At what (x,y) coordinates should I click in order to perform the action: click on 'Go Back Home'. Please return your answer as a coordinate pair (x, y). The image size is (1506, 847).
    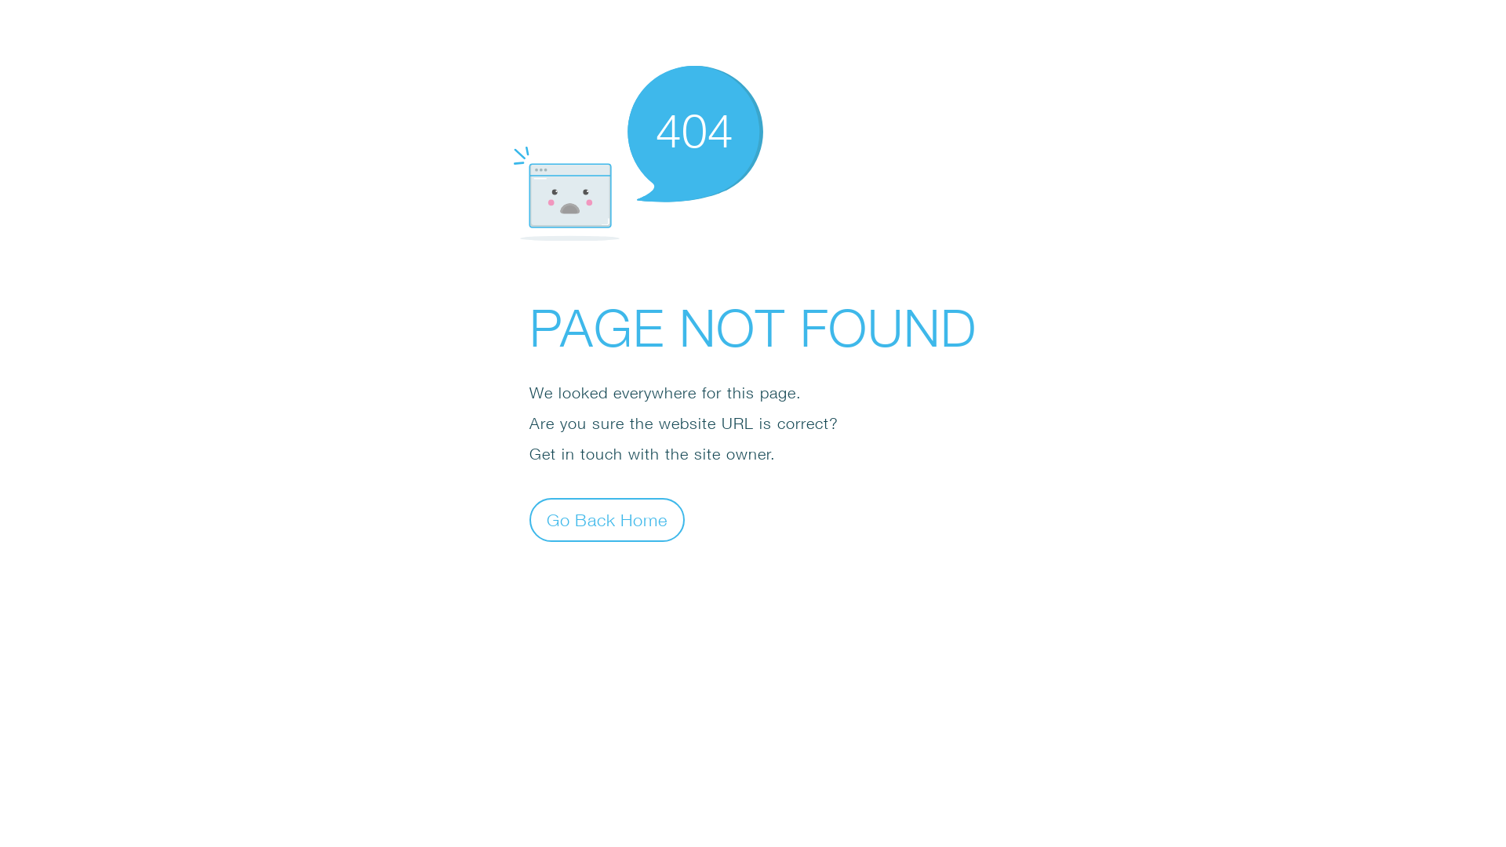
    Looking at the image, I should click on (606, 520).